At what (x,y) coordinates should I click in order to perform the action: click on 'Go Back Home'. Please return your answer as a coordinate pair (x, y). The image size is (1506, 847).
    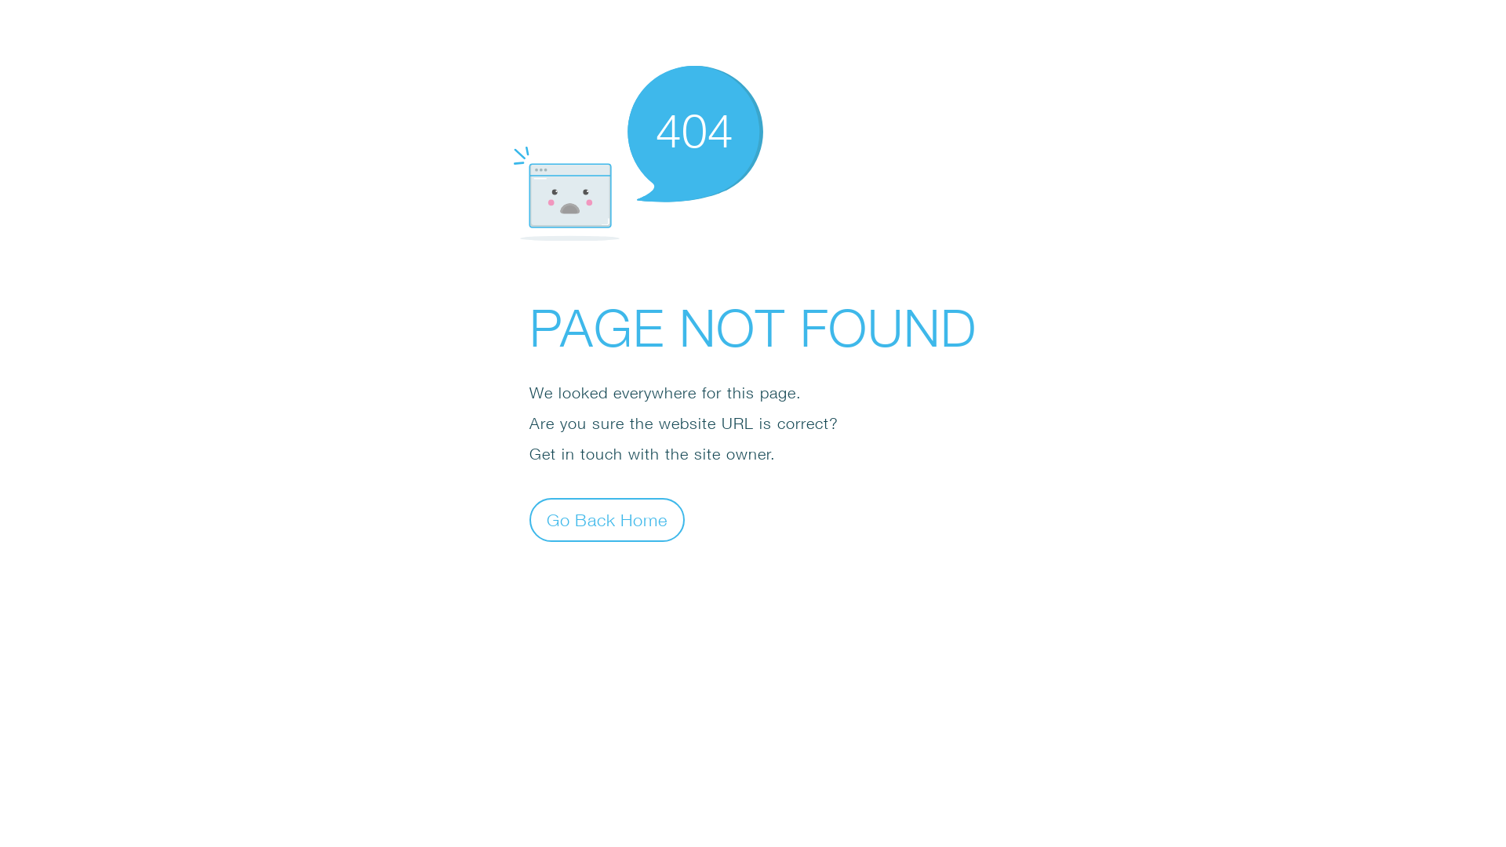
    Looking at the image, I should click on (606, 520).